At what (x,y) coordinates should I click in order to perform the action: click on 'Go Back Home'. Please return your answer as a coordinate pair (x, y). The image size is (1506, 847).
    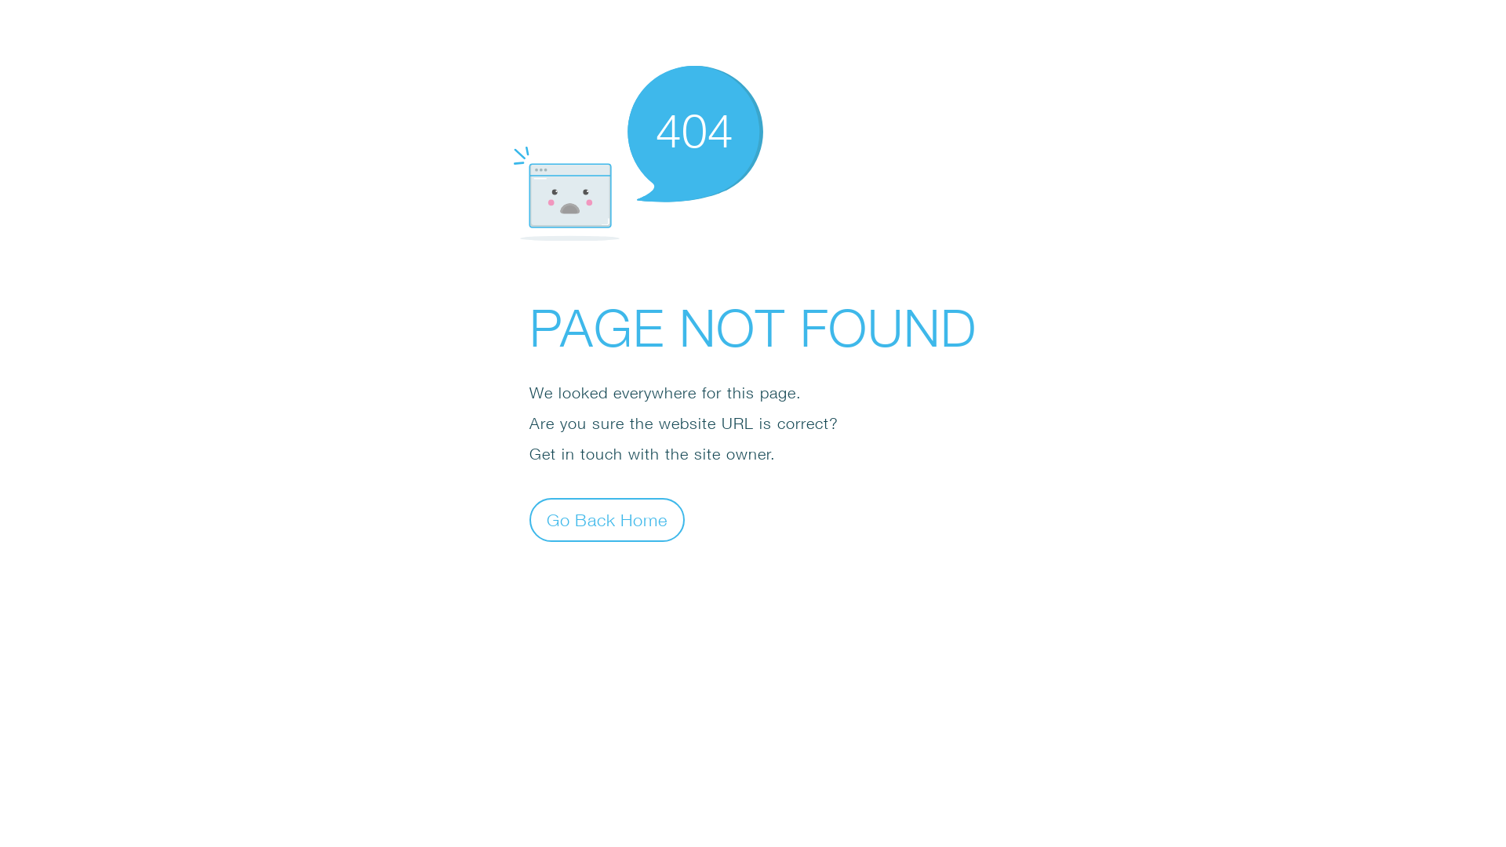
    Looking at the image, I should click on (606, 520).